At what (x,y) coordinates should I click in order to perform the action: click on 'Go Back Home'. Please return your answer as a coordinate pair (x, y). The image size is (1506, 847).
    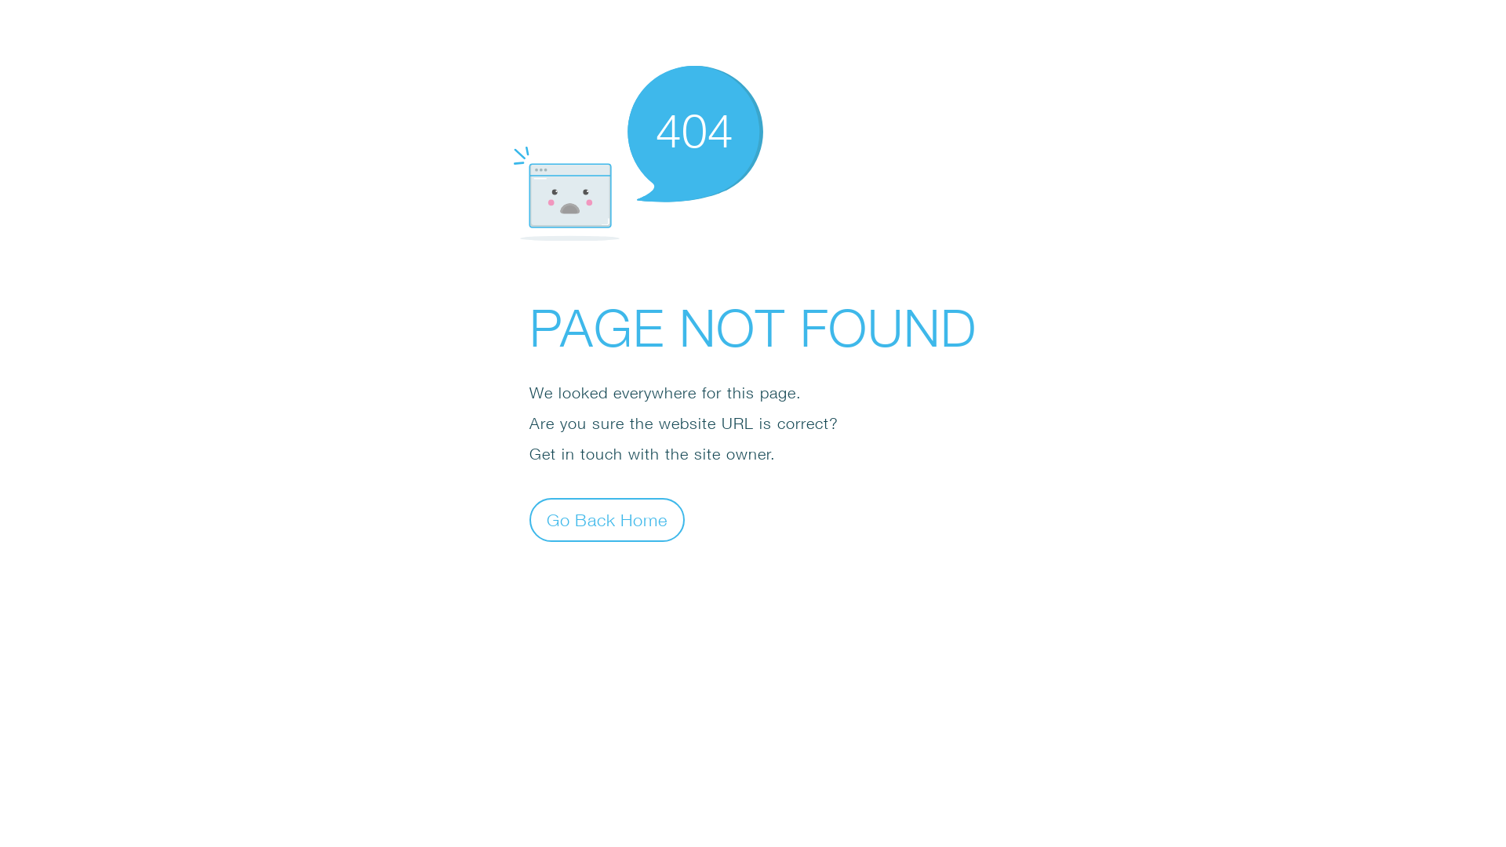
    Looking at the image, I should click on (606, 520).